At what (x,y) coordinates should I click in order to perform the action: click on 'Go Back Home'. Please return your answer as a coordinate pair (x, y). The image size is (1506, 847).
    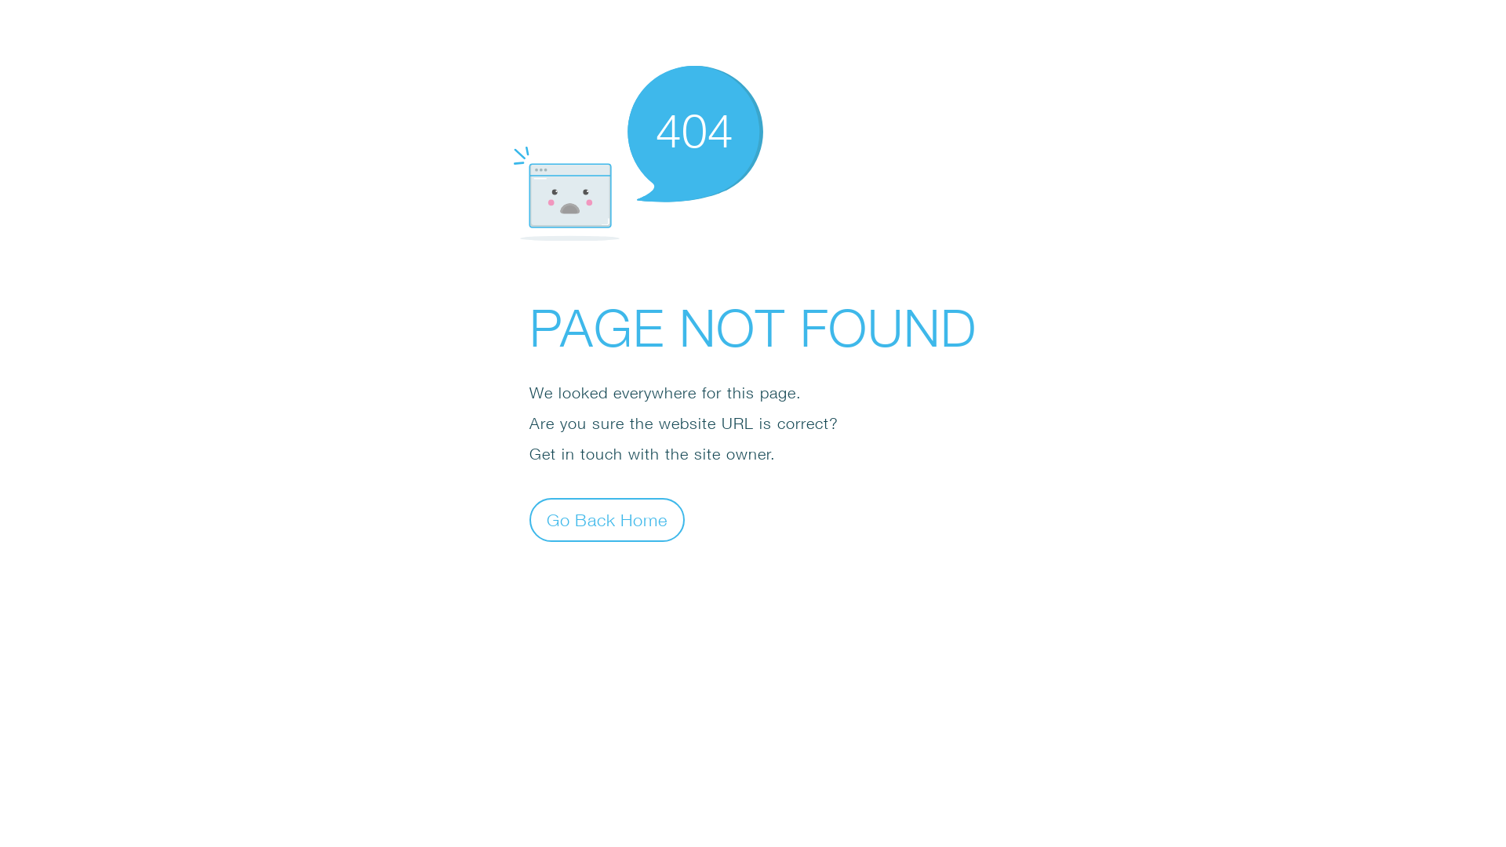
    Looking at the image, I should click on (606, 520).